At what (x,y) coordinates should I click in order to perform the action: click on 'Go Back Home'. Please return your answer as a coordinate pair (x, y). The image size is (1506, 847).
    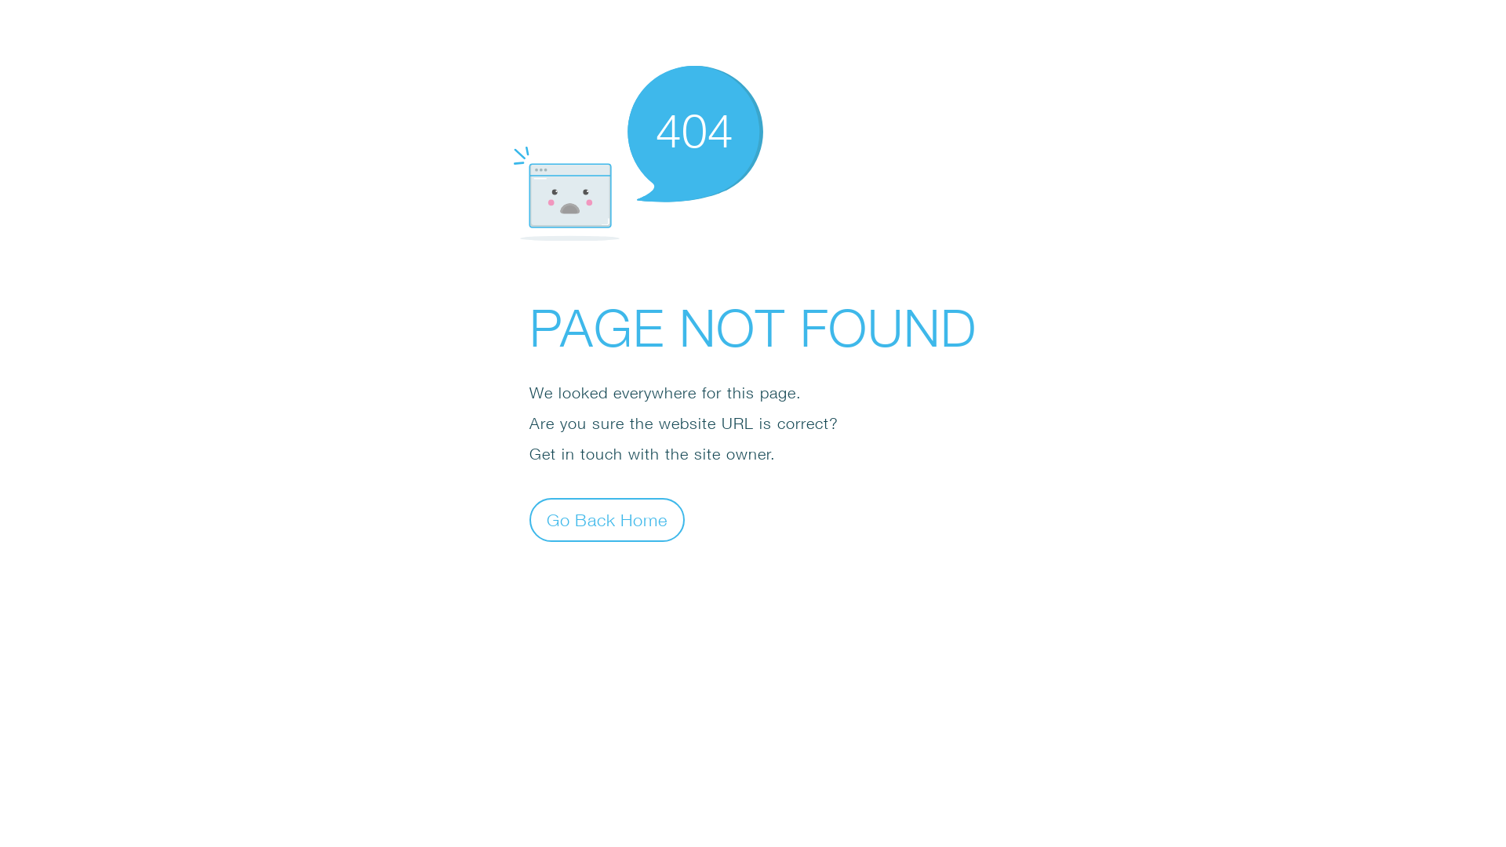
    Looking at the image, I should click on (606, 520).